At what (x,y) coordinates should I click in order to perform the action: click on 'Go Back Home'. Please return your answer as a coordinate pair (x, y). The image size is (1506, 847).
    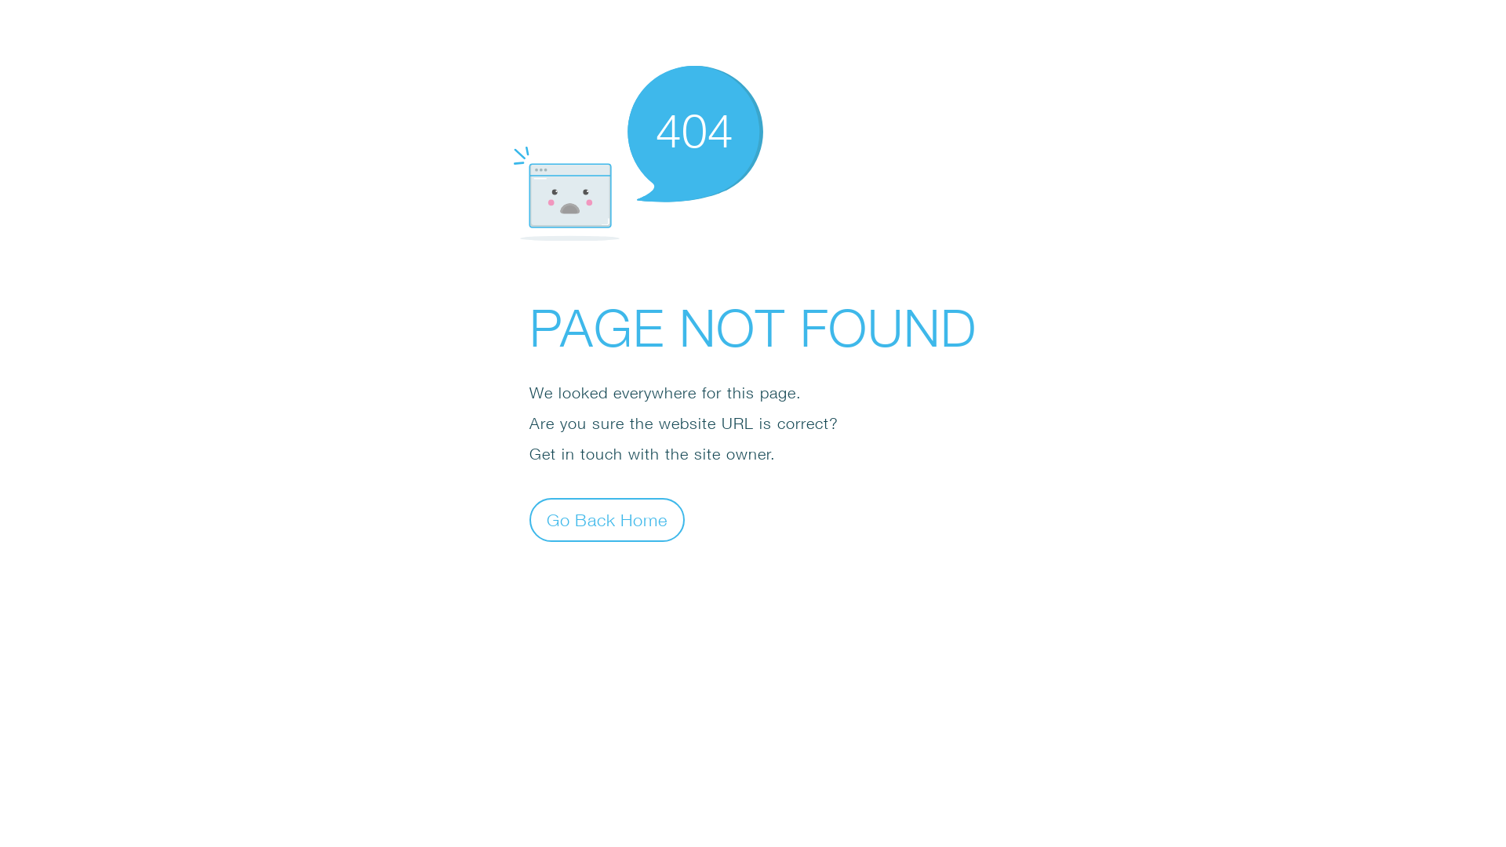
    Looking at the image, I should click on (606, 520).